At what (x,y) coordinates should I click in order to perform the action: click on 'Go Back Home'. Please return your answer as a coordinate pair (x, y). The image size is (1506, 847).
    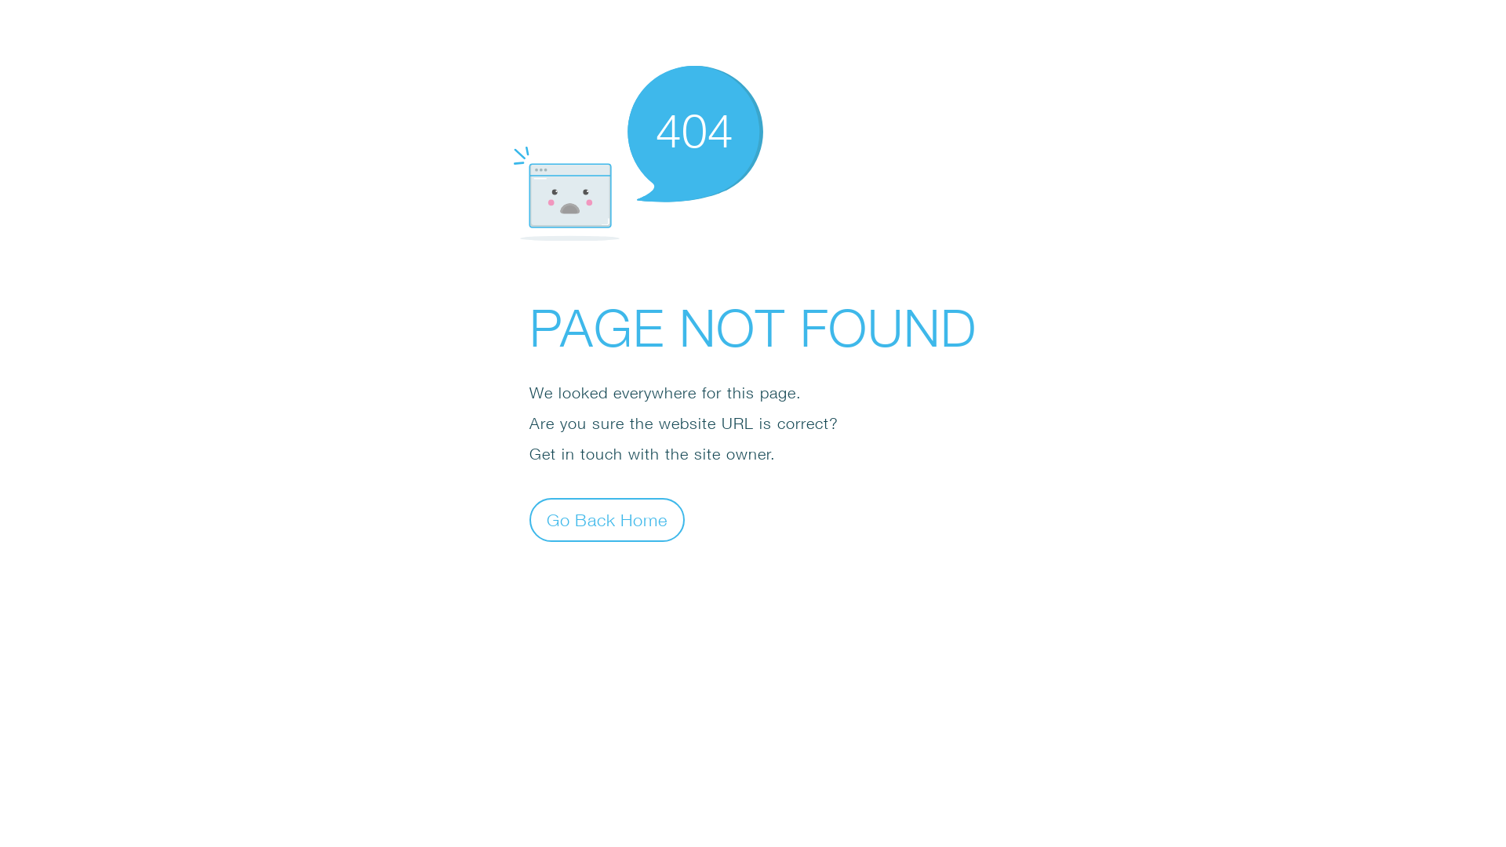
    Looking at the image, I should click on (606, 520).